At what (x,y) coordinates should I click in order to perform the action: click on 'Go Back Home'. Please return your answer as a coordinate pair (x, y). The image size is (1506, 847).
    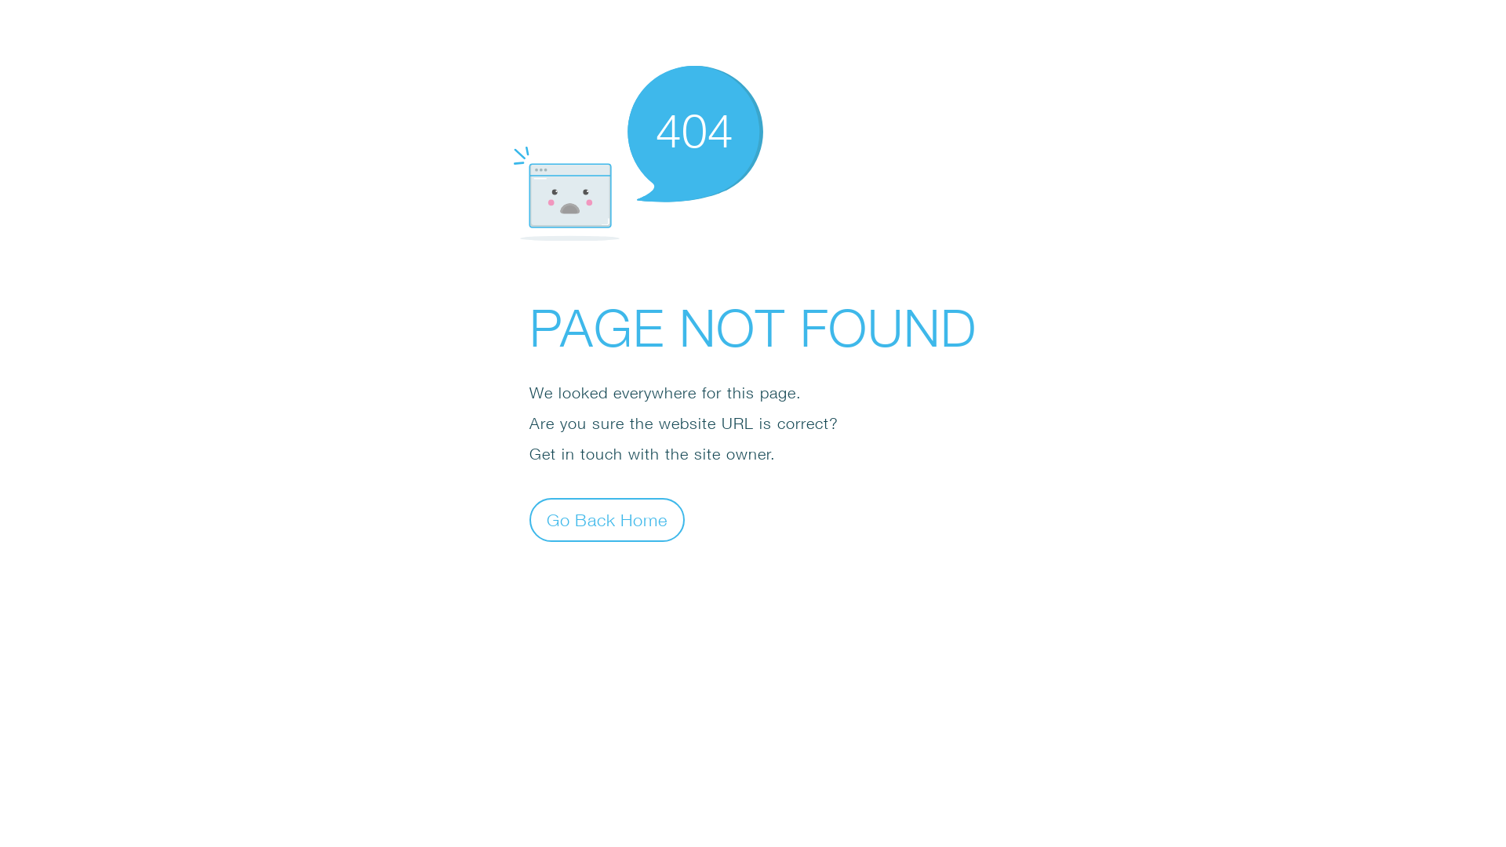
    Looking at the image, I should click on (606, 520).